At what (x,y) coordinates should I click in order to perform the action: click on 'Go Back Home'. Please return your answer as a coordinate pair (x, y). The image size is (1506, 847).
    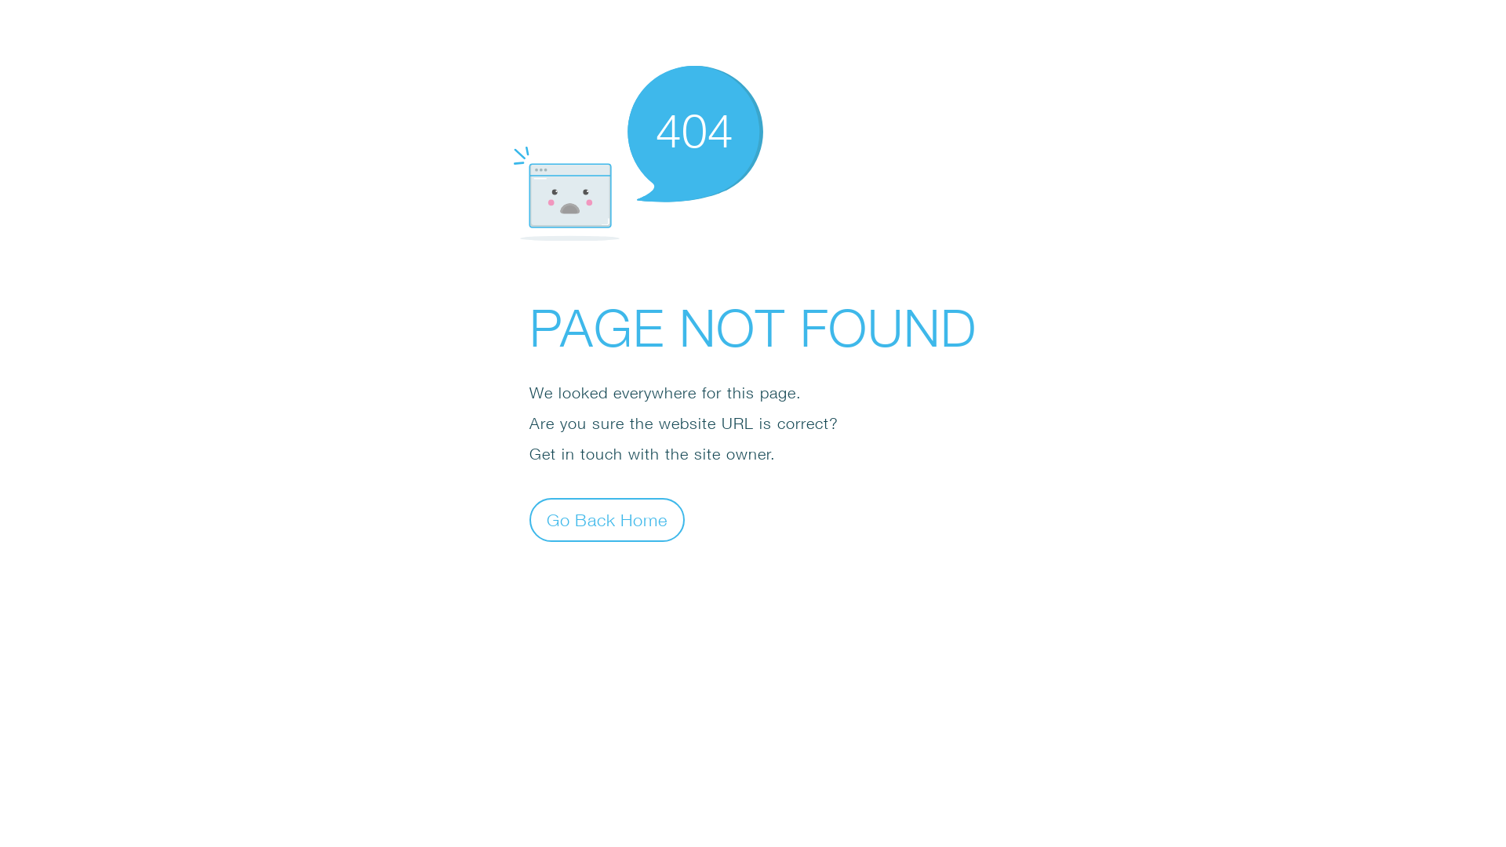
    Looking at the image, I should click on (606, 520).